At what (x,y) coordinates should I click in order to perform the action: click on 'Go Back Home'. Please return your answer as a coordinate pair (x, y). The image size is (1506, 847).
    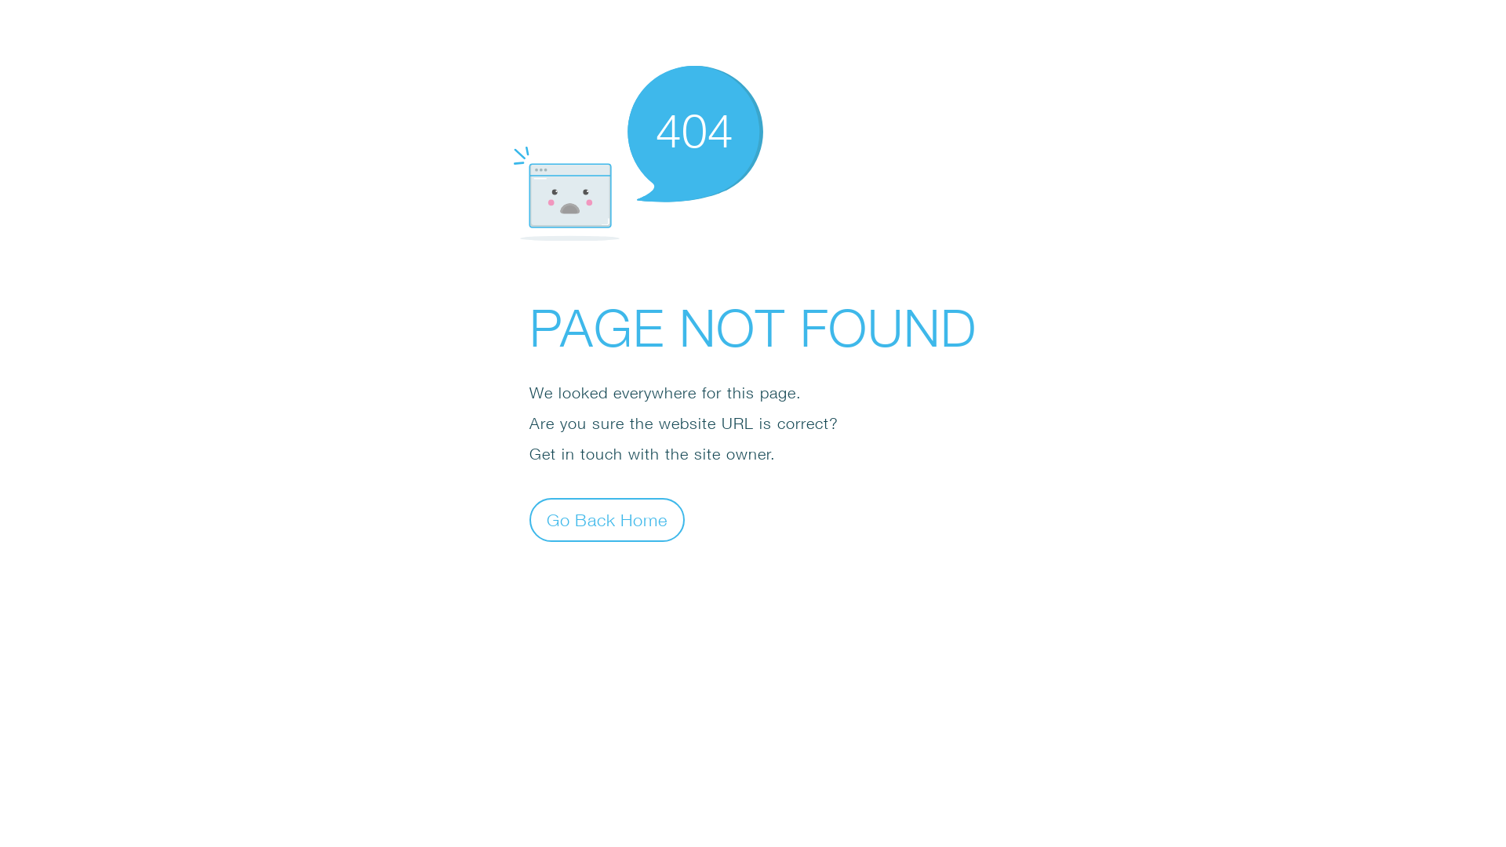
    Looking at the image, I should click on (606, 520).